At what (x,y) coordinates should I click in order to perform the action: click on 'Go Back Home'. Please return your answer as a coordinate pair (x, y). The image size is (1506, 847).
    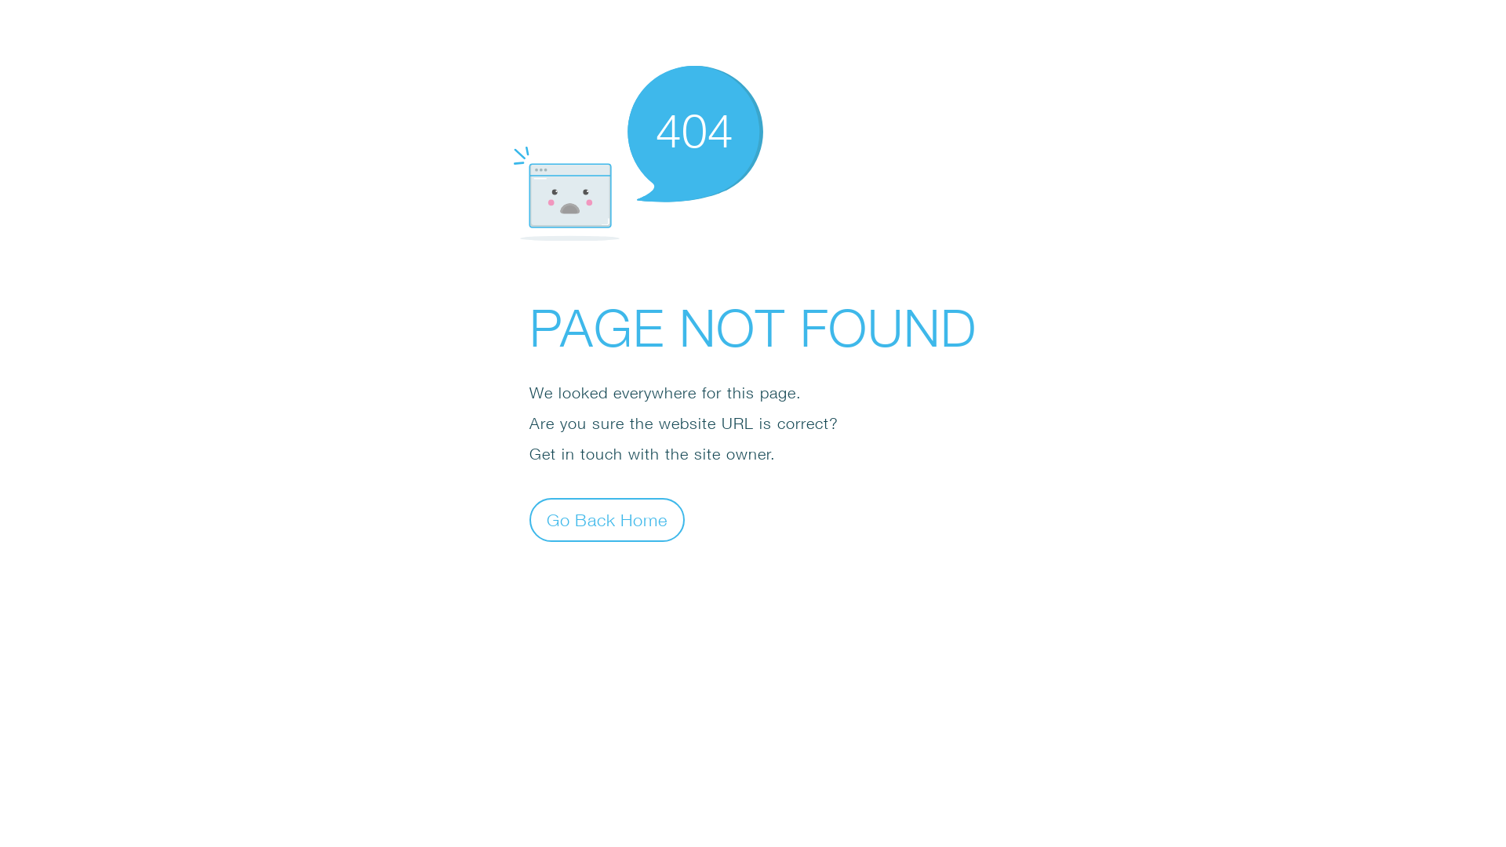
    Looking at the image, I should click on (606, 520).